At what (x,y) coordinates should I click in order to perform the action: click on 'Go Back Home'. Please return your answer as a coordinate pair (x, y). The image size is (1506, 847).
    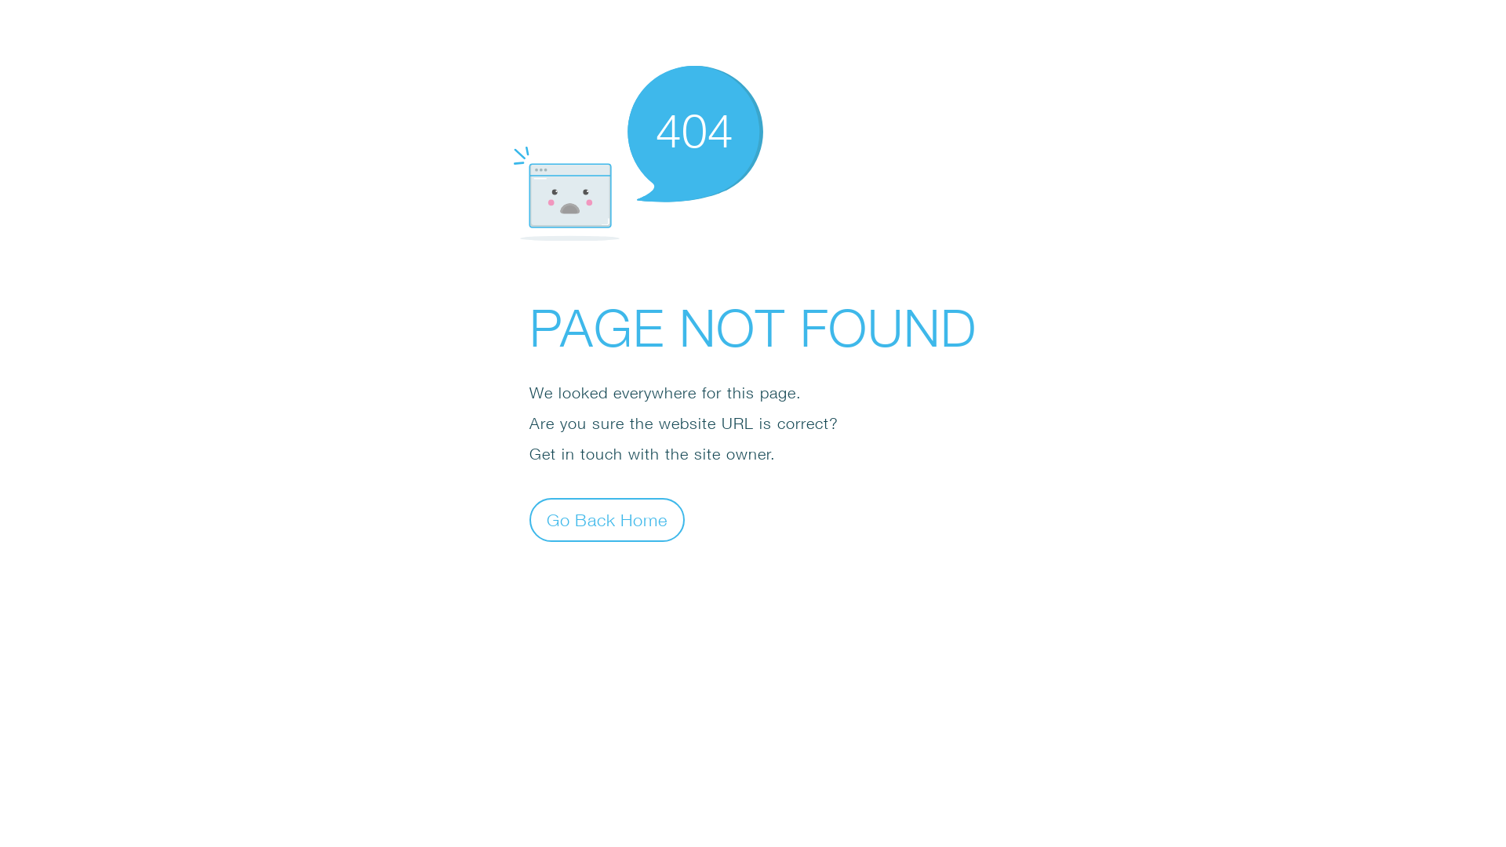
    Looking at the image, I should click on (606, 520).